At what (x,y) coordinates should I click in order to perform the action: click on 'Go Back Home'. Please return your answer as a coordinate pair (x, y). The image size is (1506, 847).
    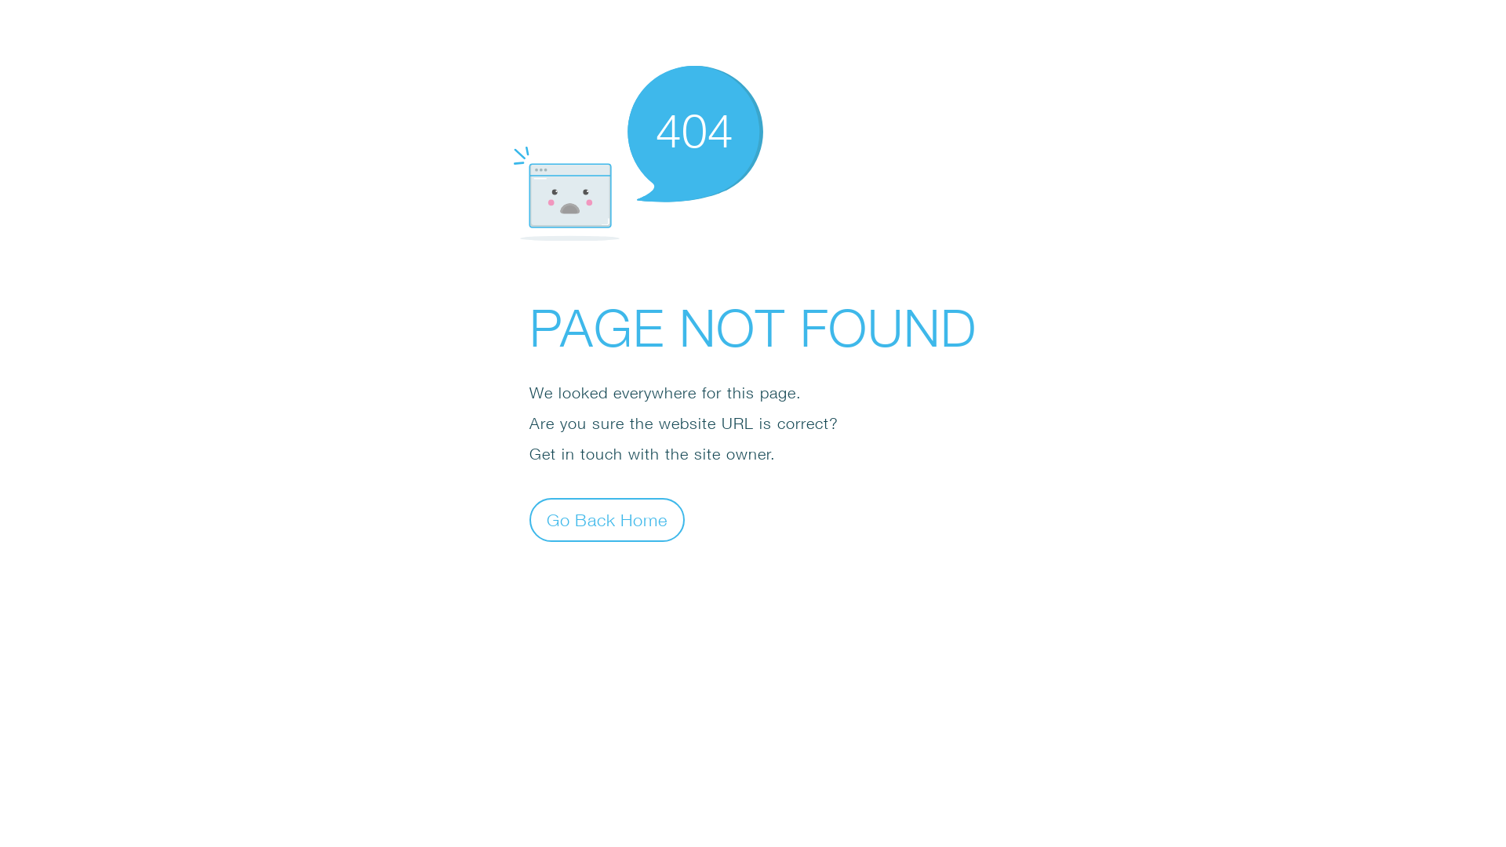
    Looking at the image, I should click on (606, 520).